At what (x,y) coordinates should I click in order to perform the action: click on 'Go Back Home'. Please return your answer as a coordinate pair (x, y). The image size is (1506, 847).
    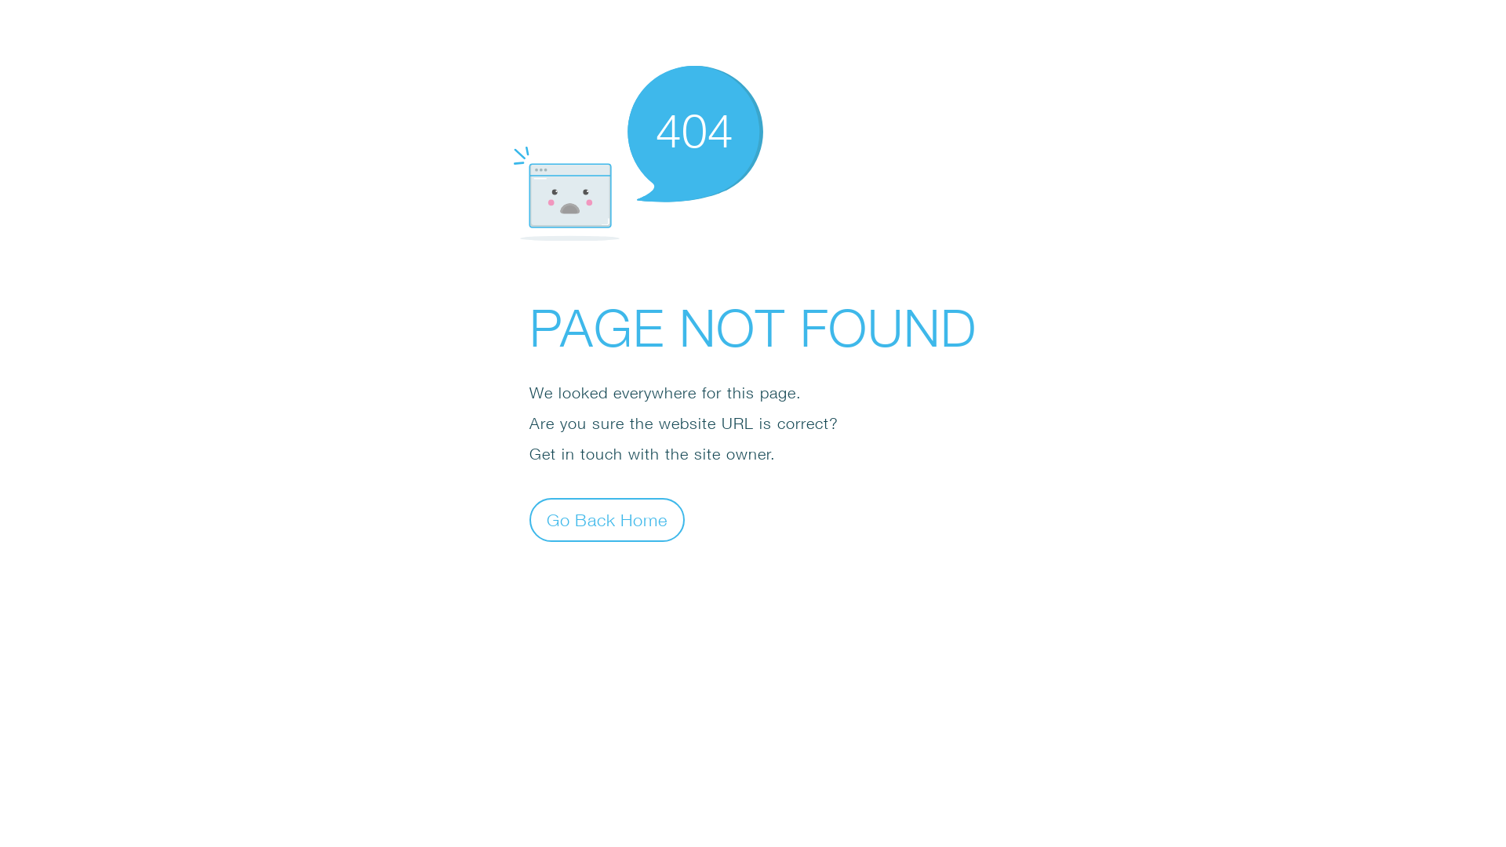
    Looking at the image, I should click on (606, 520).